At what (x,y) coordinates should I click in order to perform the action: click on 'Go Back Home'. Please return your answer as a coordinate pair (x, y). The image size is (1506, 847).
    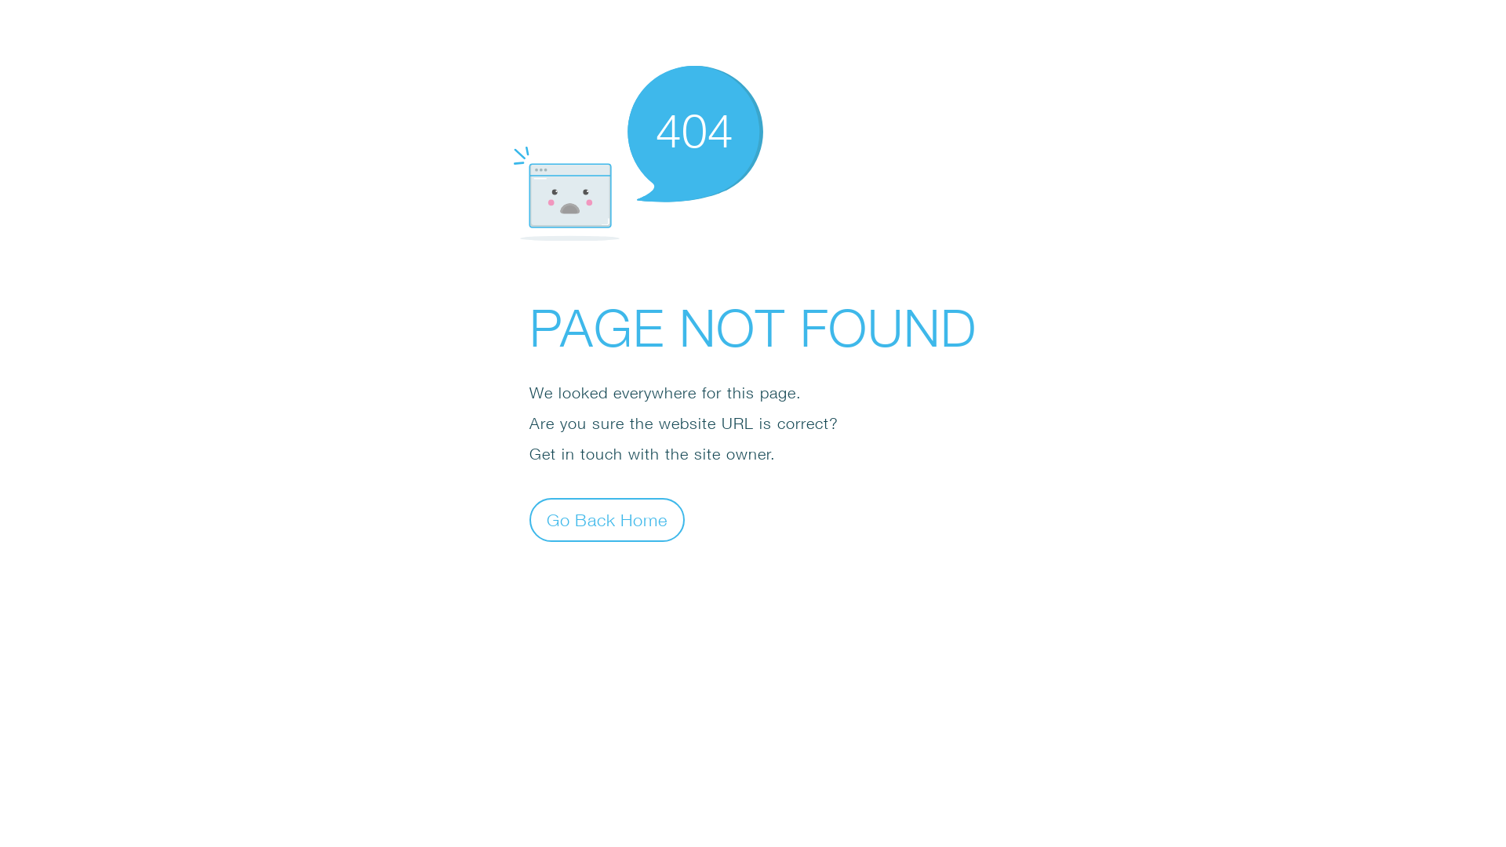
    Looking at the image, I should click on (606, 520).